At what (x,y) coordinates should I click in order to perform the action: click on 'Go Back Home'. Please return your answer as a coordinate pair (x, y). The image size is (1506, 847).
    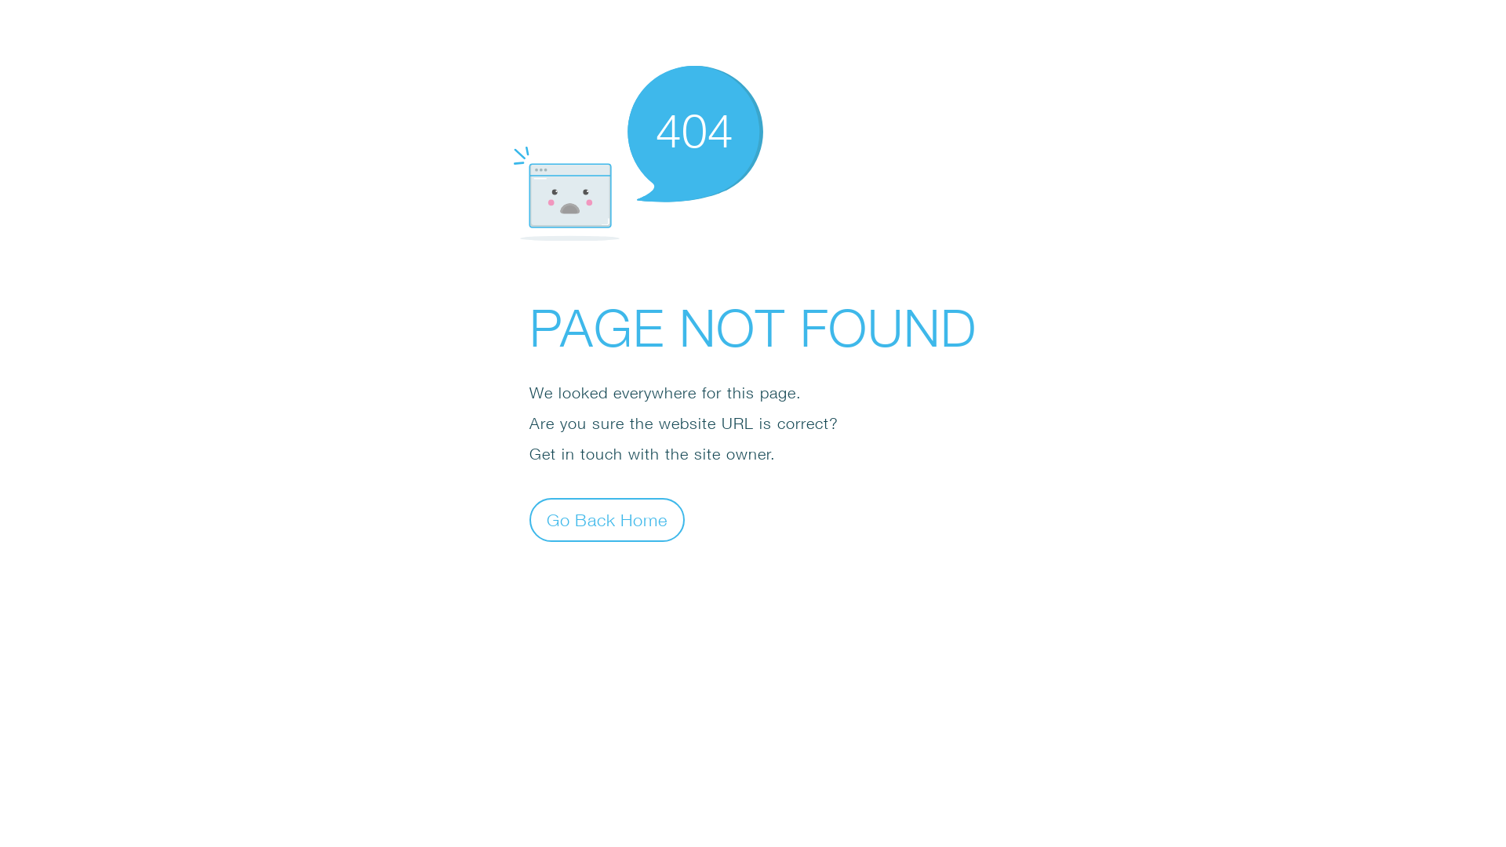
    Looking at the image, I should click on (606, 520).